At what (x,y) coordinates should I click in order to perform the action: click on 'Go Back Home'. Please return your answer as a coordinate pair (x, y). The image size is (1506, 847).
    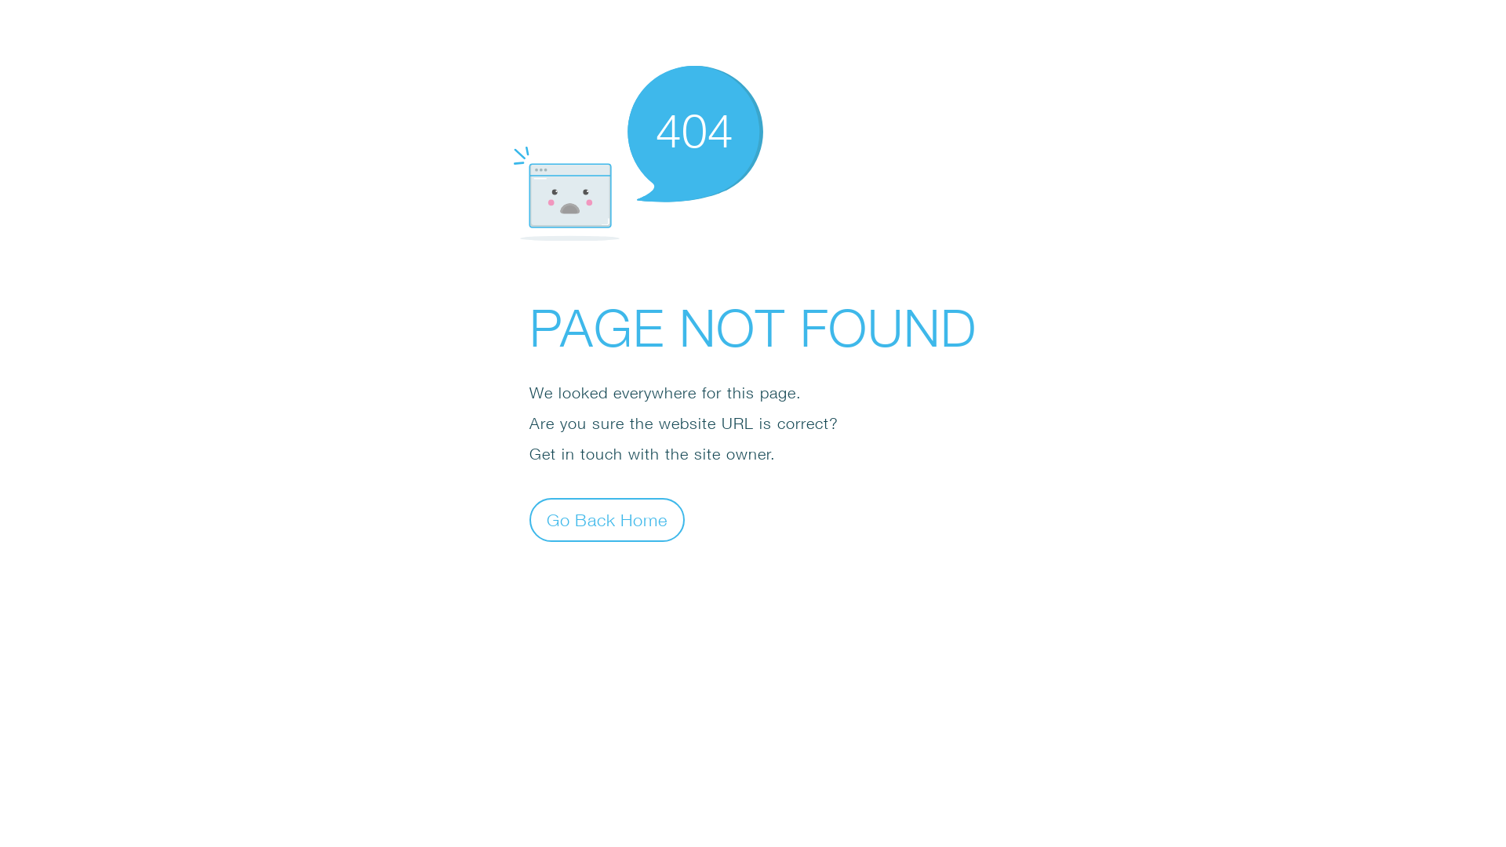
    Looking at the image, I should click on (606, 520).